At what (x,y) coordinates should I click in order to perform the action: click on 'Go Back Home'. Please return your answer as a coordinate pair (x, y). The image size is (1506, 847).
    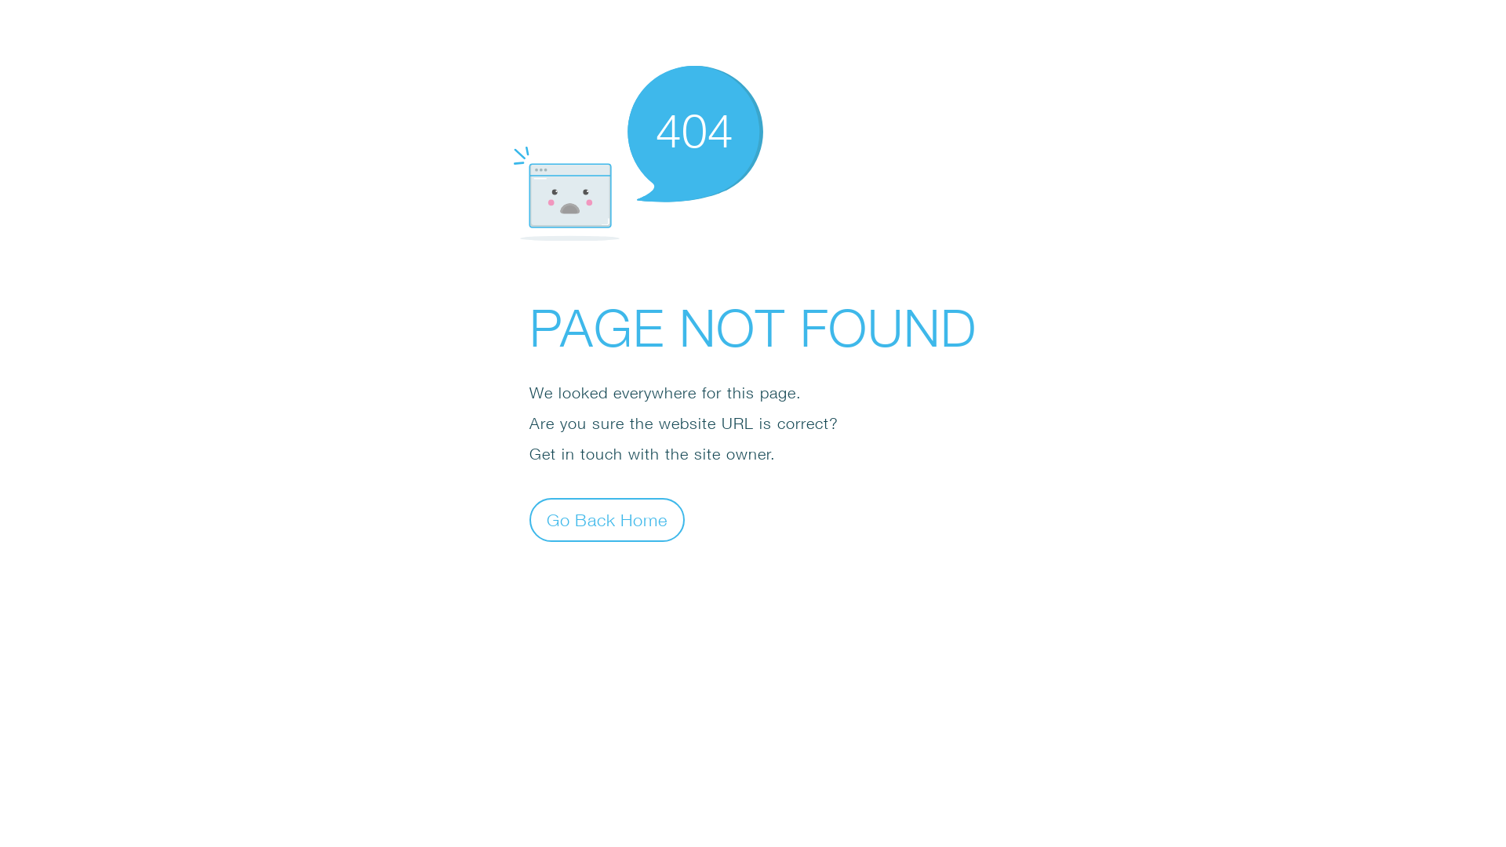
    Looking at the image, I should click on (606, 520).